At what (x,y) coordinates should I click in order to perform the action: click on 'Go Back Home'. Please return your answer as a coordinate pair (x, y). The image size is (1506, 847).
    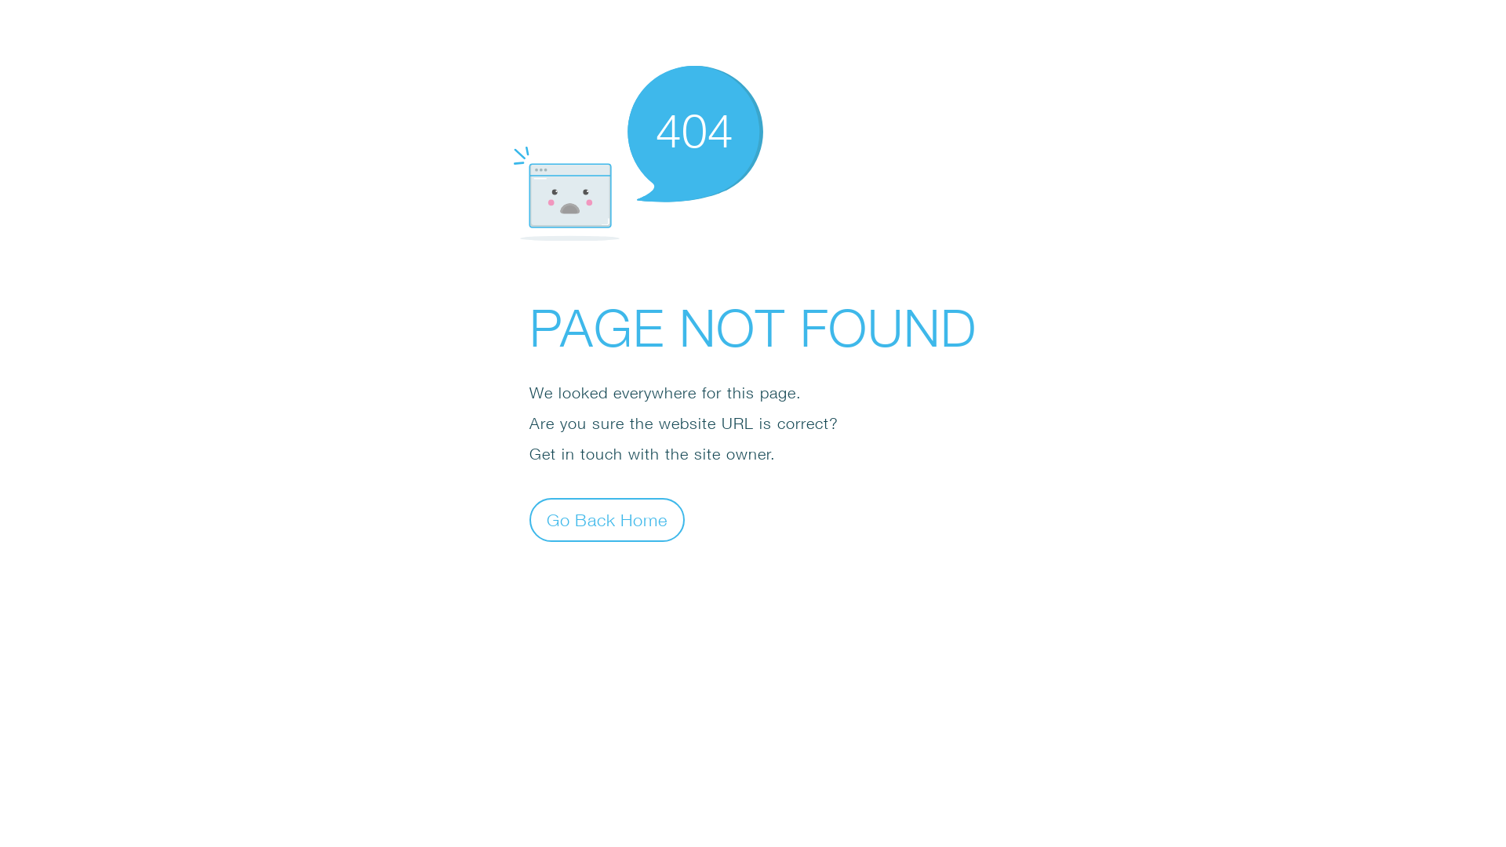
    Looking at the image, I should click on (606, 520).